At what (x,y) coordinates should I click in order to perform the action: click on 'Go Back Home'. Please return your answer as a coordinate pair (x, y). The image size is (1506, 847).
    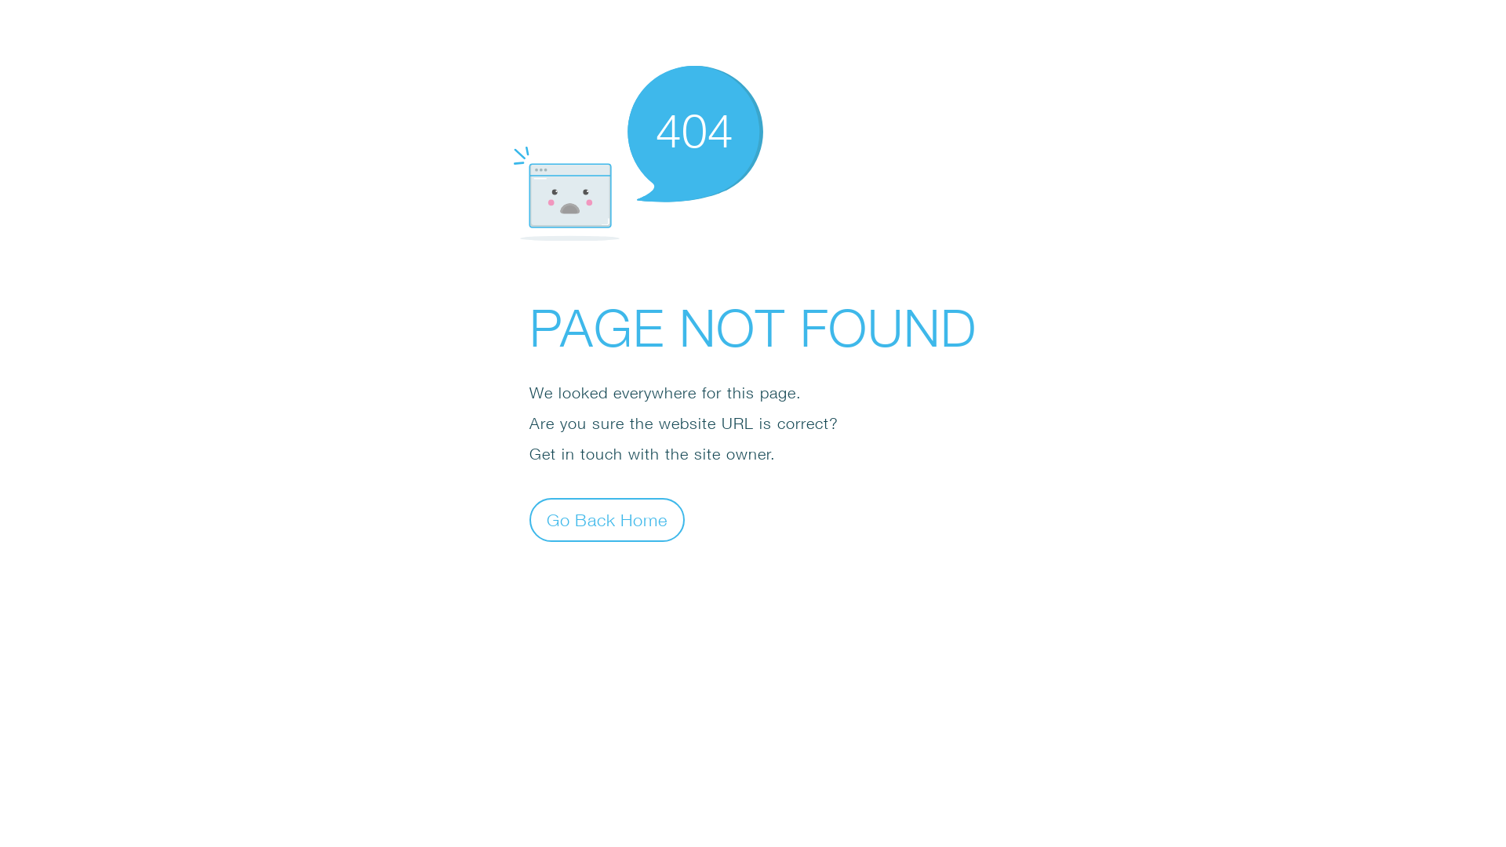
    Looking at the image, I should click on (606, 520).